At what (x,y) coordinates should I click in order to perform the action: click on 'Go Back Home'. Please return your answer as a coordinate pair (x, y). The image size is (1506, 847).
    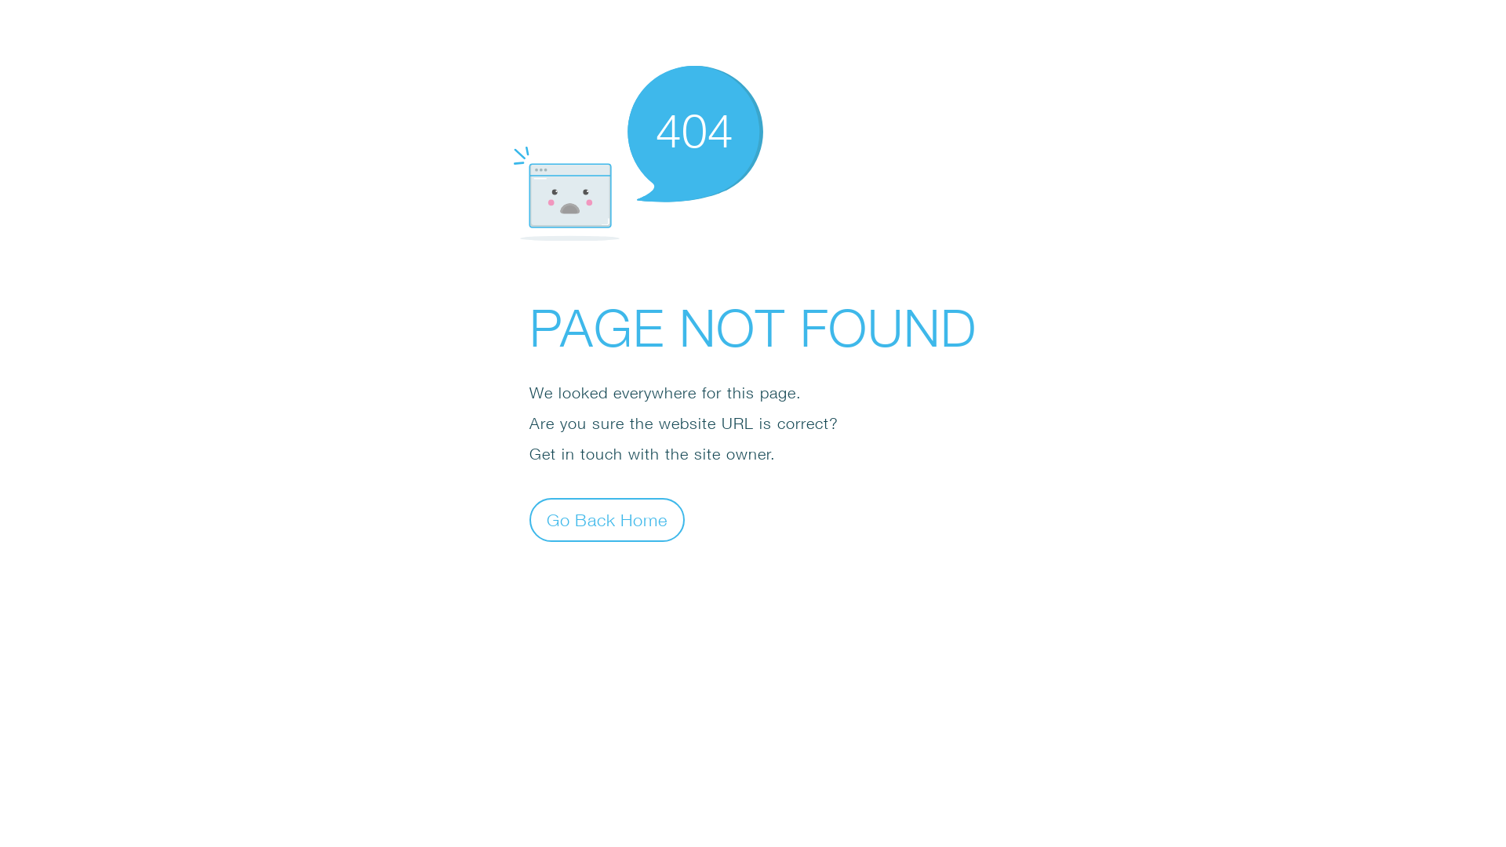
    Looking at the image, I should click on (606, 520).